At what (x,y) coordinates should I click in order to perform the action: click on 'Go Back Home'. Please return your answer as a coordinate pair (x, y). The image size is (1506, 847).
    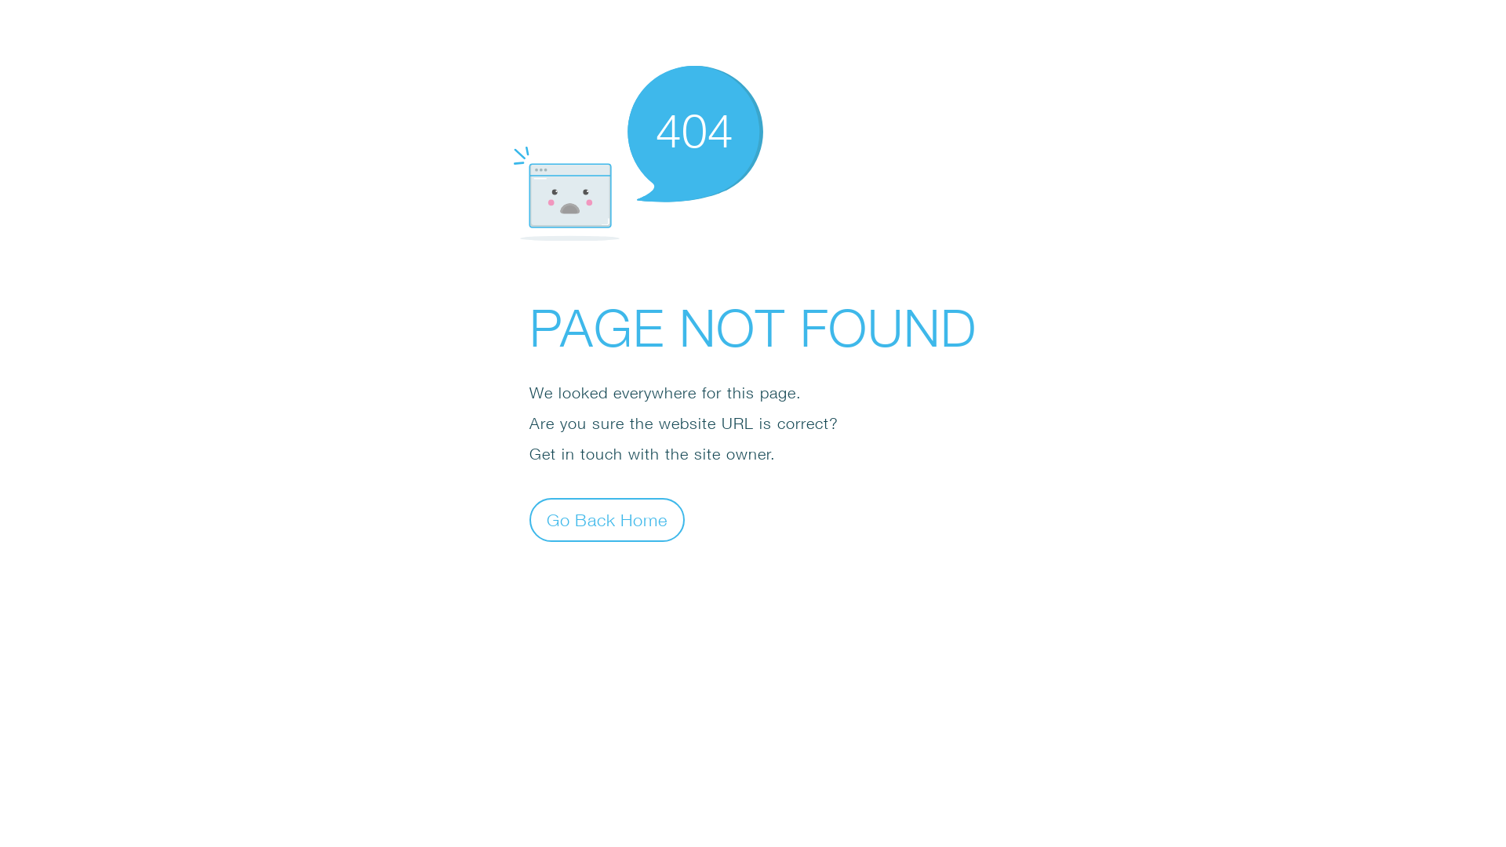
    Looking at the image, I should click on (606, 520).